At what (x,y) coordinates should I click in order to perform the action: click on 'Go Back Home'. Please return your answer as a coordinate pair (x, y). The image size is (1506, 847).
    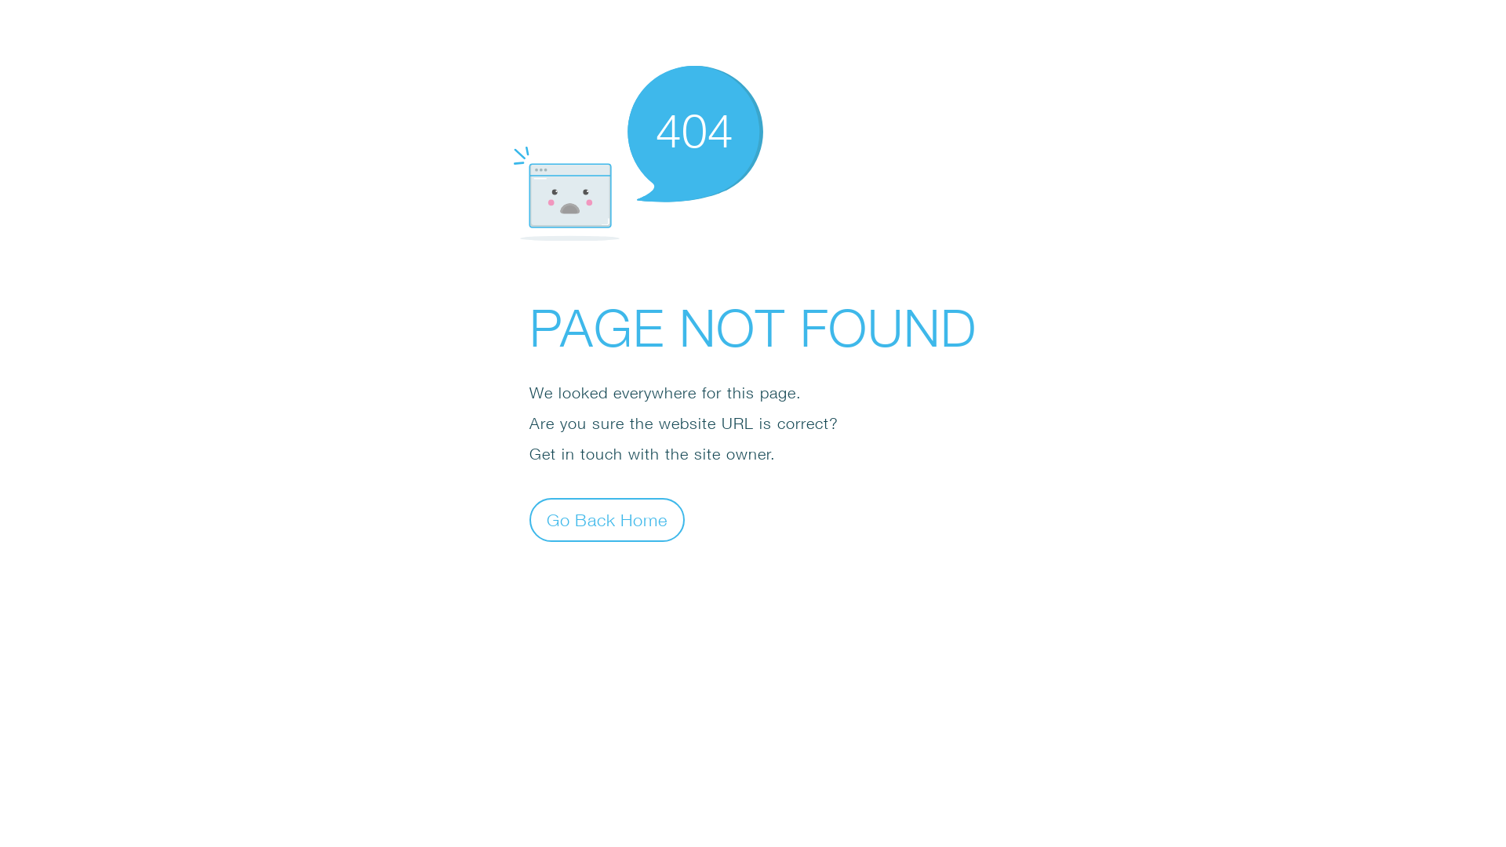
    Looking at the image, I should click on (606, 520).